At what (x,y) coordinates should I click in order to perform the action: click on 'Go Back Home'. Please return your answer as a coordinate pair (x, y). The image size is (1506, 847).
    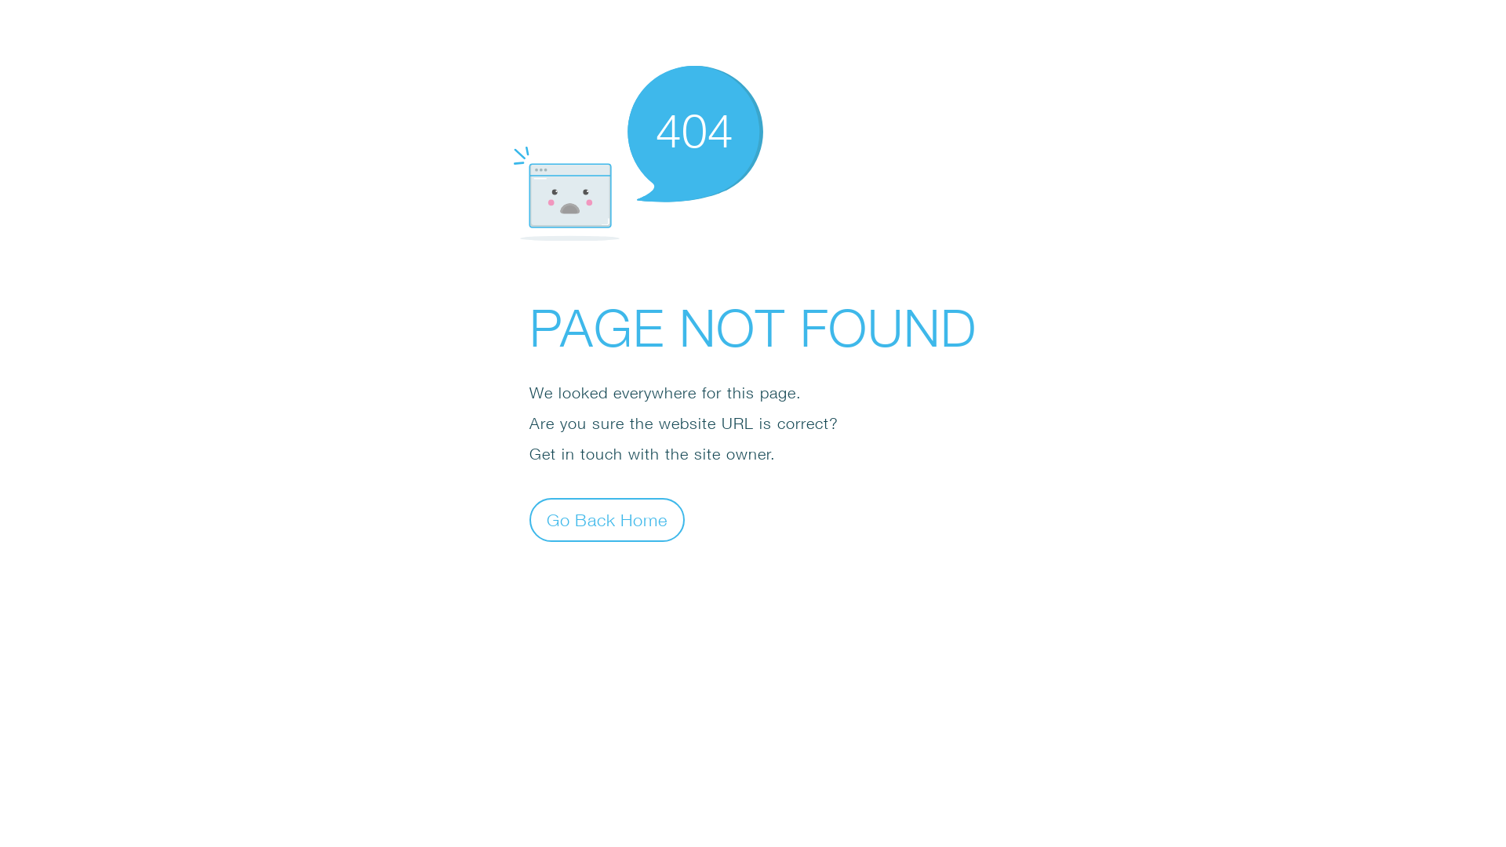
    Looking at the image, I should click on (606, 520).